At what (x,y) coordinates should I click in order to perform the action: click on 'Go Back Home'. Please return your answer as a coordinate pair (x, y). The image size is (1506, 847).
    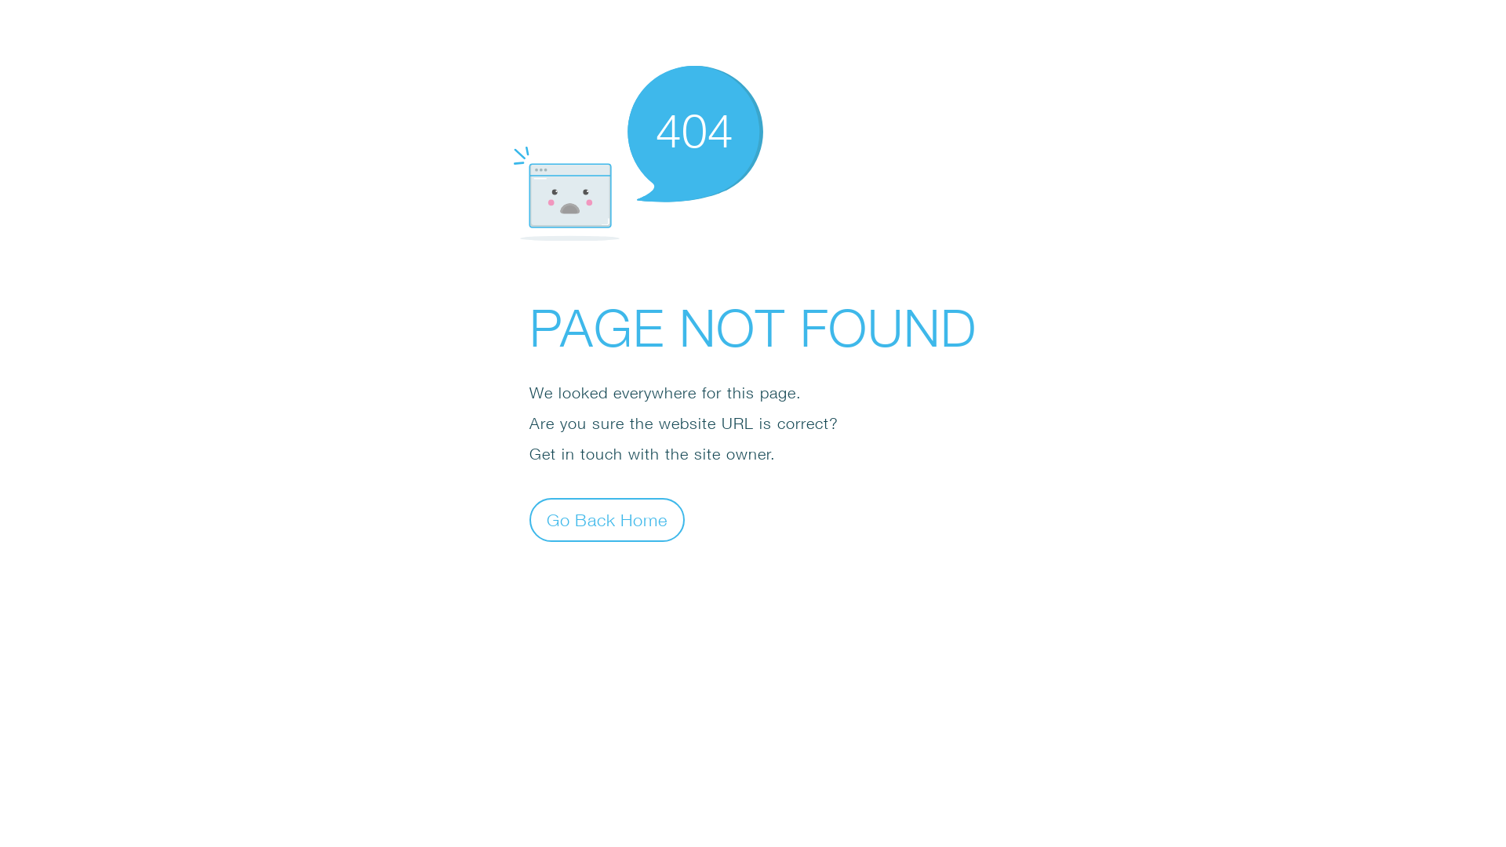
    Looking at the image, I should click on (606, 520).